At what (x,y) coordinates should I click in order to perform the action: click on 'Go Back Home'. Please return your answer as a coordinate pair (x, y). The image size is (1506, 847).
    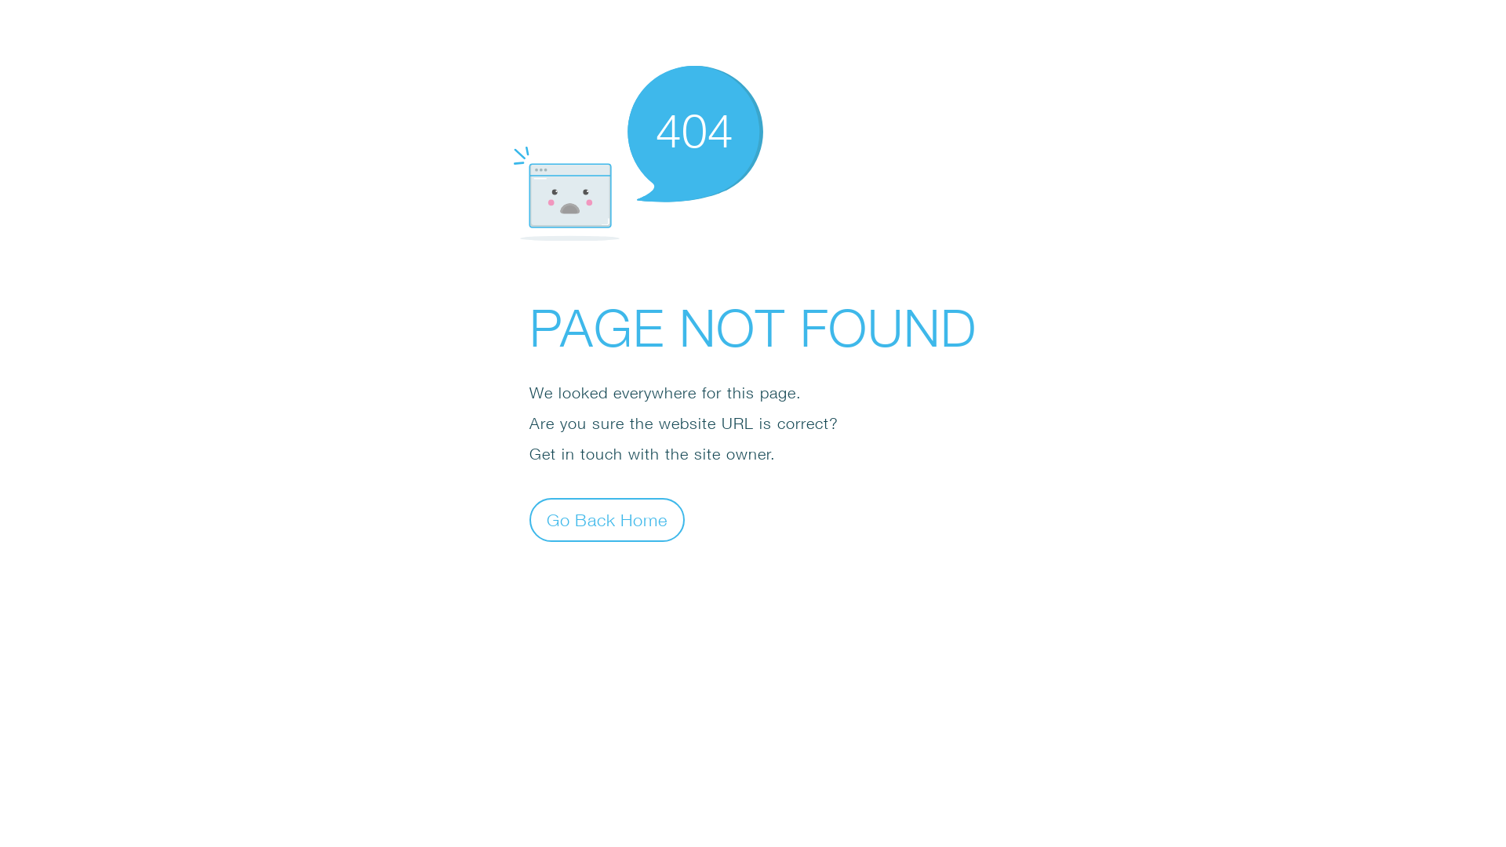
    Looking at the image, I should click on (606, 520).